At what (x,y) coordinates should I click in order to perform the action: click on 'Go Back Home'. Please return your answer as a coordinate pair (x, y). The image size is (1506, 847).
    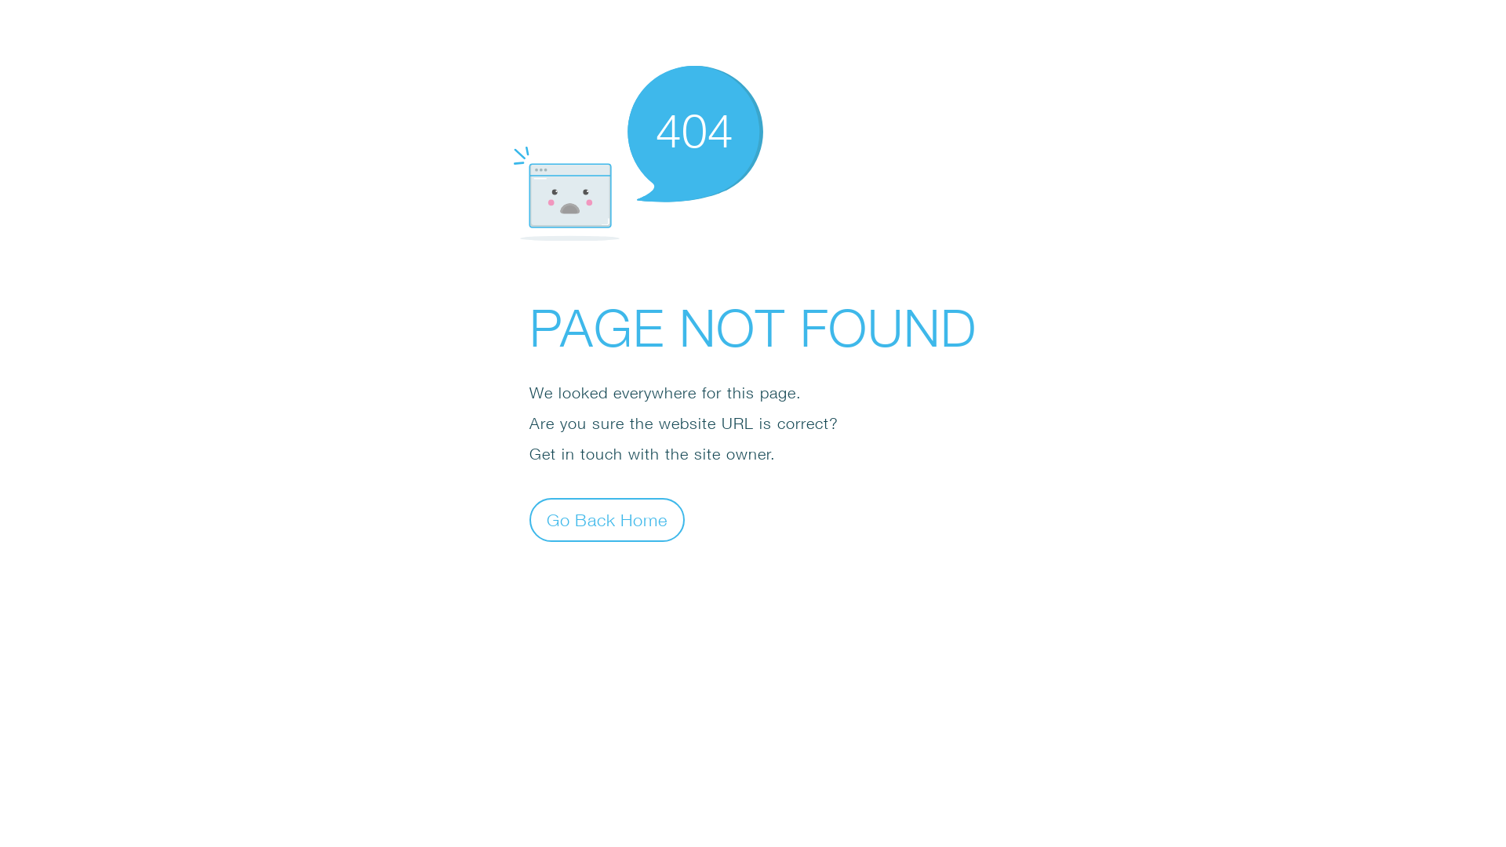
    Looking at the image, I should click on (606, 520).